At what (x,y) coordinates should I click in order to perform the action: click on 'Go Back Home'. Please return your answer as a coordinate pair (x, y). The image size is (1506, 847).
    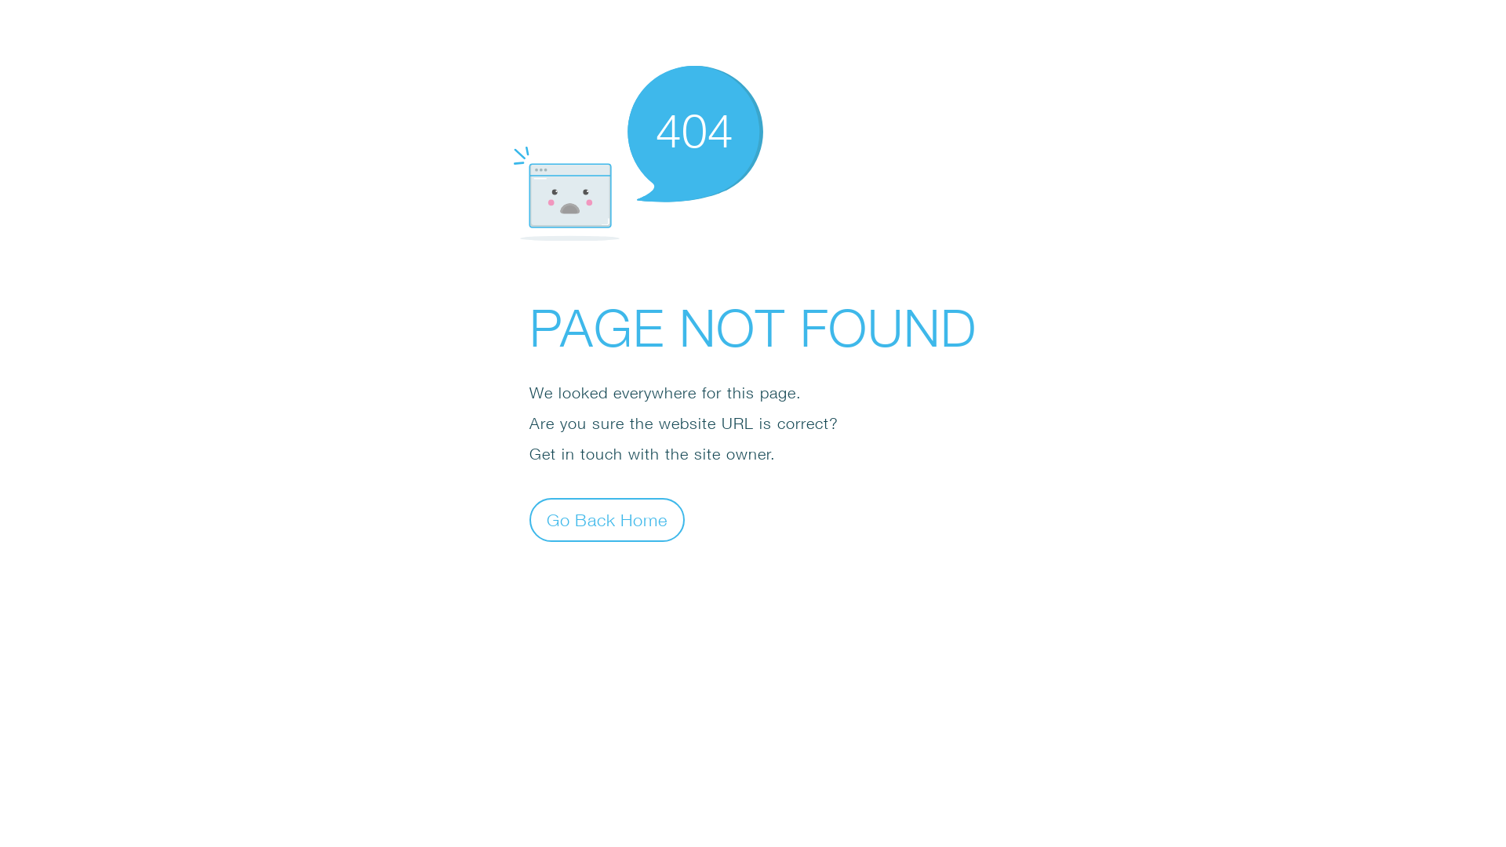
    Looking at the image, I should click on (606, 520).